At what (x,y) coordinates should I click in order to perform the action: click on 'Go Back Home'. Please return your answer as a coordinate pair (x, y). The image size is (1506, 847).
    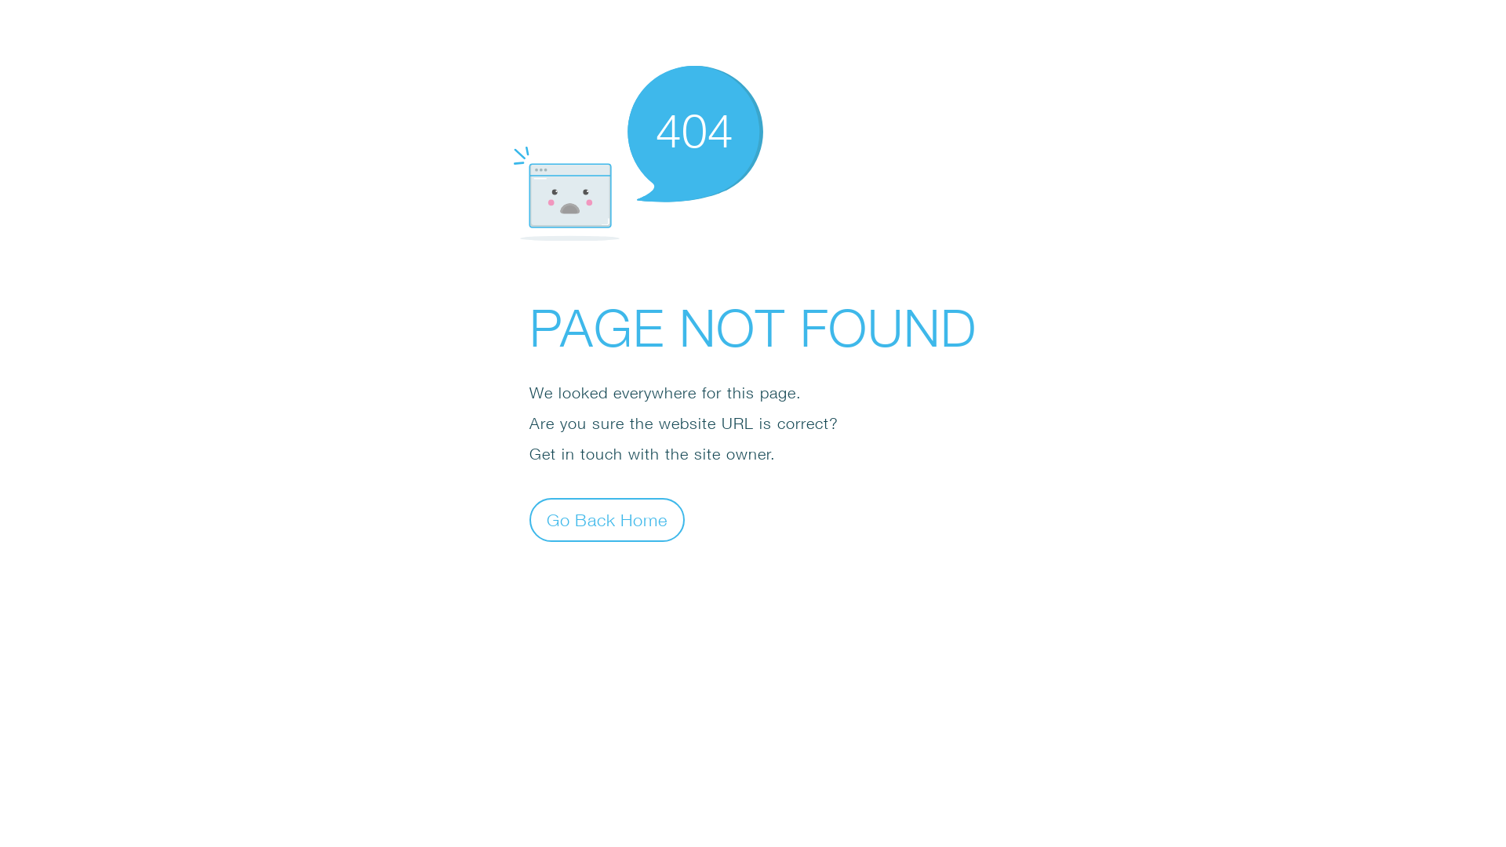
    Looking at the image, I should click on (606, 520).